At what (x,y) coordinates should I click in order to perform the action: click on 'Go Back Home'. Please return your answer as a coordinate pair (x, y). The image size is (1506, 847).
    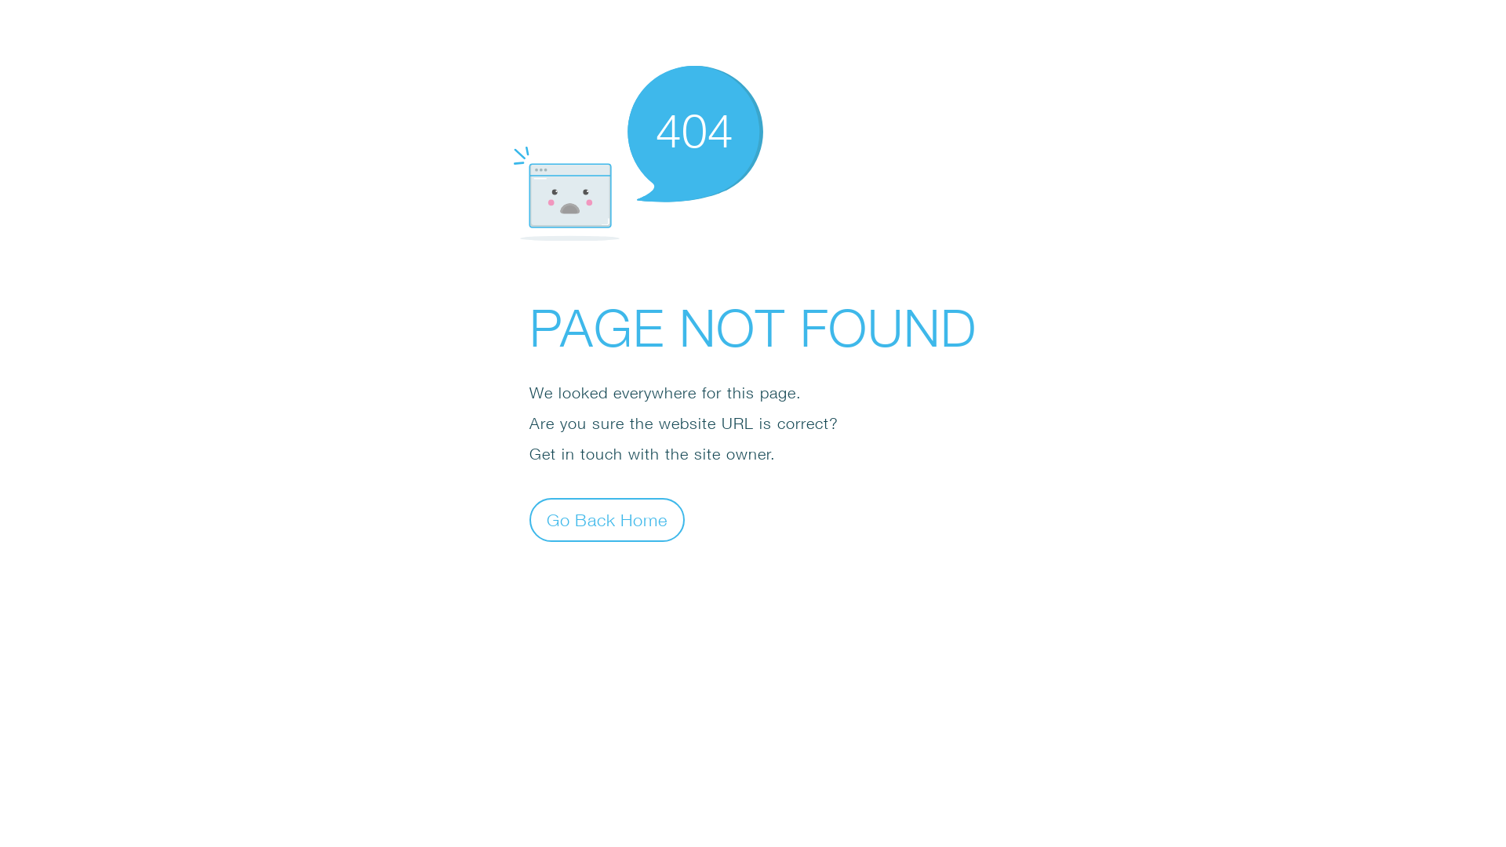
    Looking at the image, I should click on (606, 520).